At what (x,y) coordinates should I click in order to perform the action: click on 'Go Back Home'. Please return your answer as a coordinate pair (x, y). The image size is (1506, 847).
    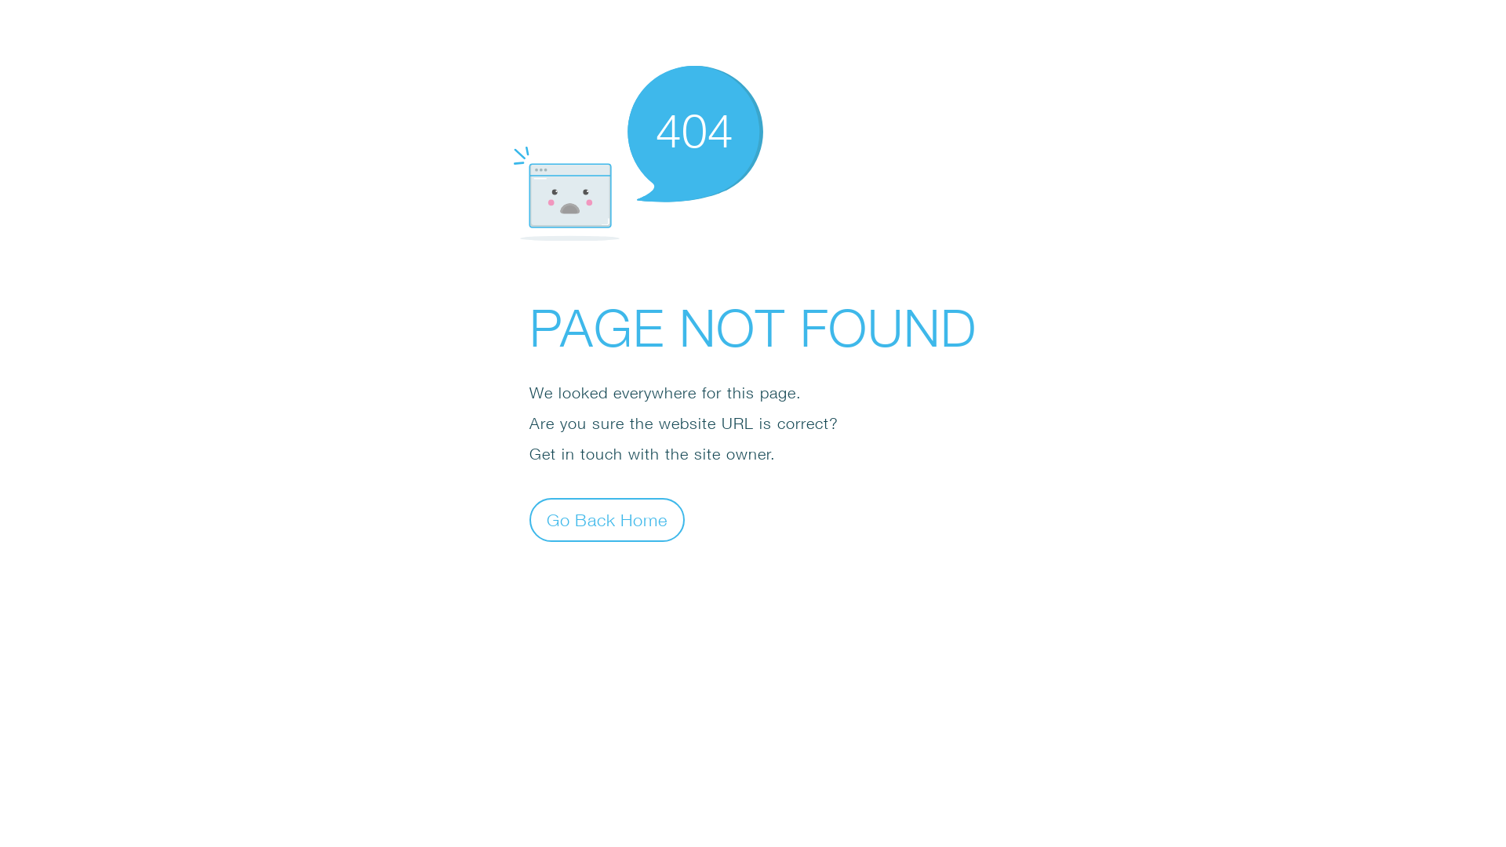
    Looking at the image, I should click on (606, 520).